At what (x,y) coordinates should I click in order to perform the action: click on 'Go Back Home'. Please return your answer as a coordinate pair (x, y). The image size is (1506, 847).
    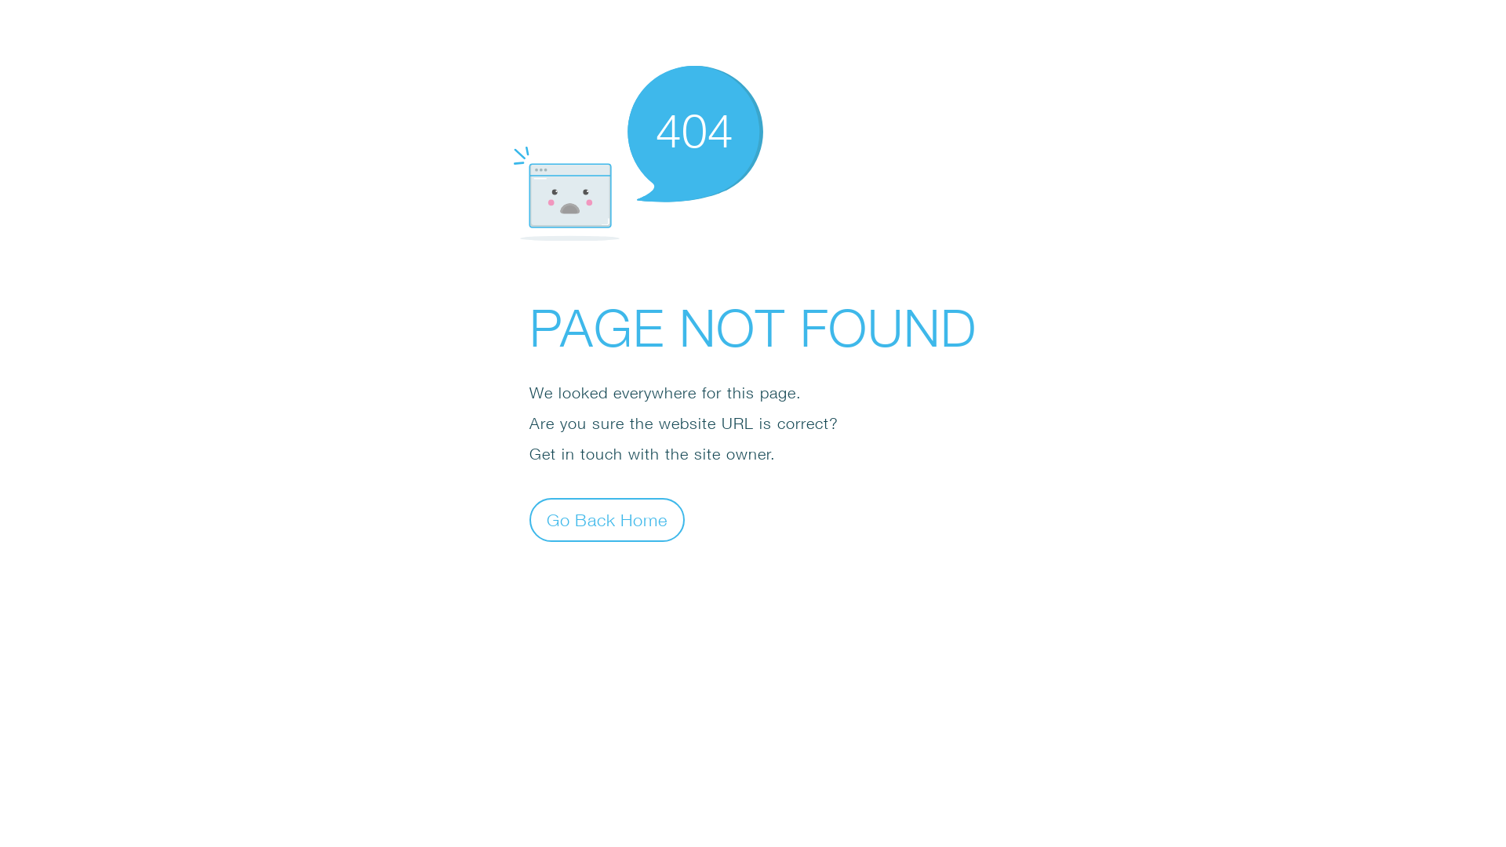
    Looking at the image, I should click on (606, 520).